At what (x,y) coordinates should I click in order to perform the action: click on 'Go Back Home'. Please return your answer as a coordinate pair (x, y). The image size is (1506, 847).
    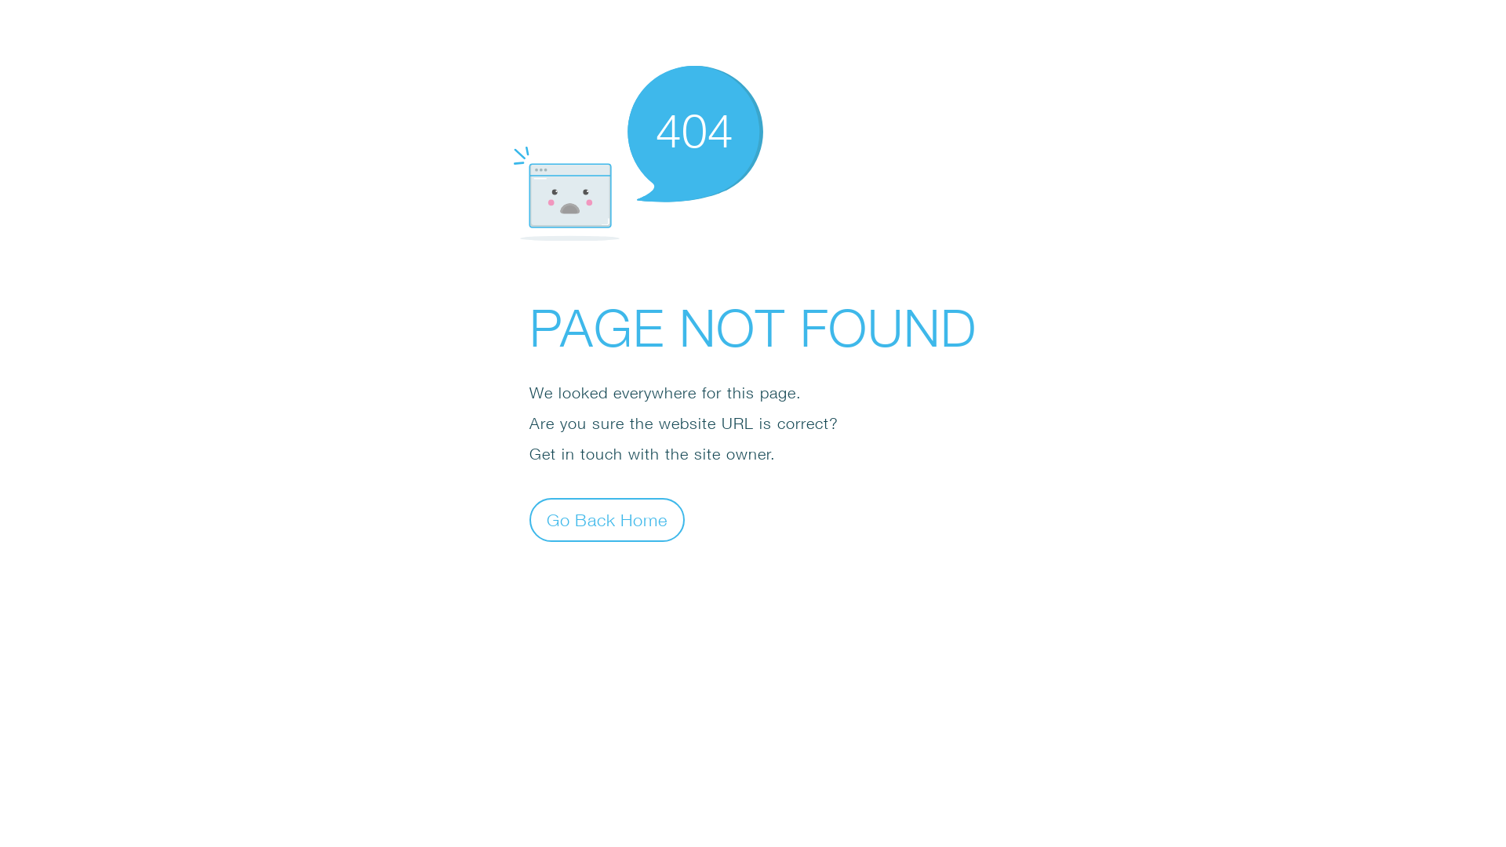
    Looking at the image, I should click on (606, 520).